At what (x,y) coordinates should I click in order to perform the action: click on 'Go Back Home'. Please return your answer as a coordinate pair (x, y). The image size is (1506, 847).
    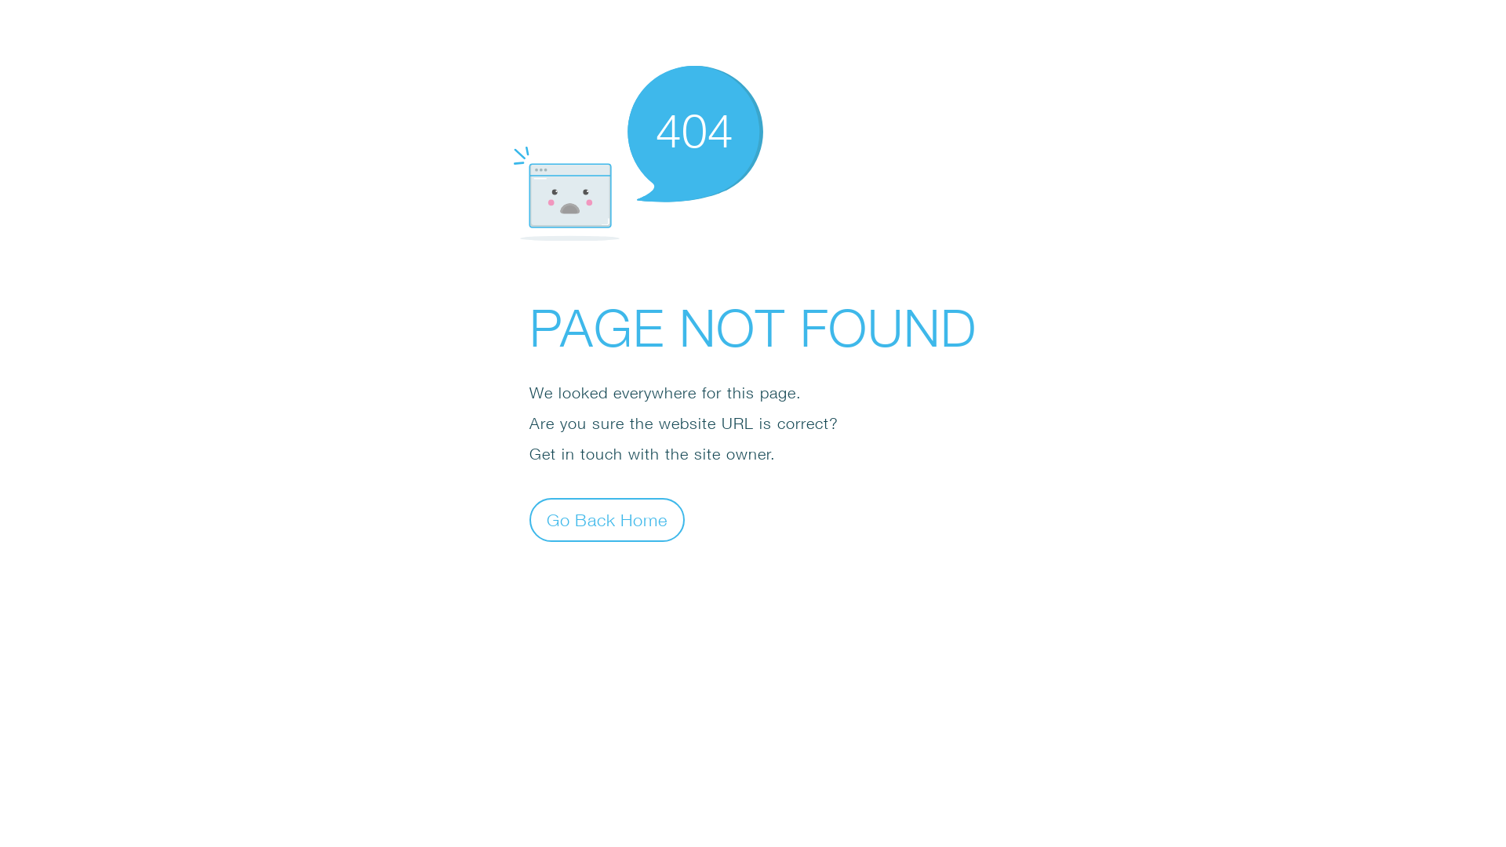
    Looking at the image, I should click on (606, 520).